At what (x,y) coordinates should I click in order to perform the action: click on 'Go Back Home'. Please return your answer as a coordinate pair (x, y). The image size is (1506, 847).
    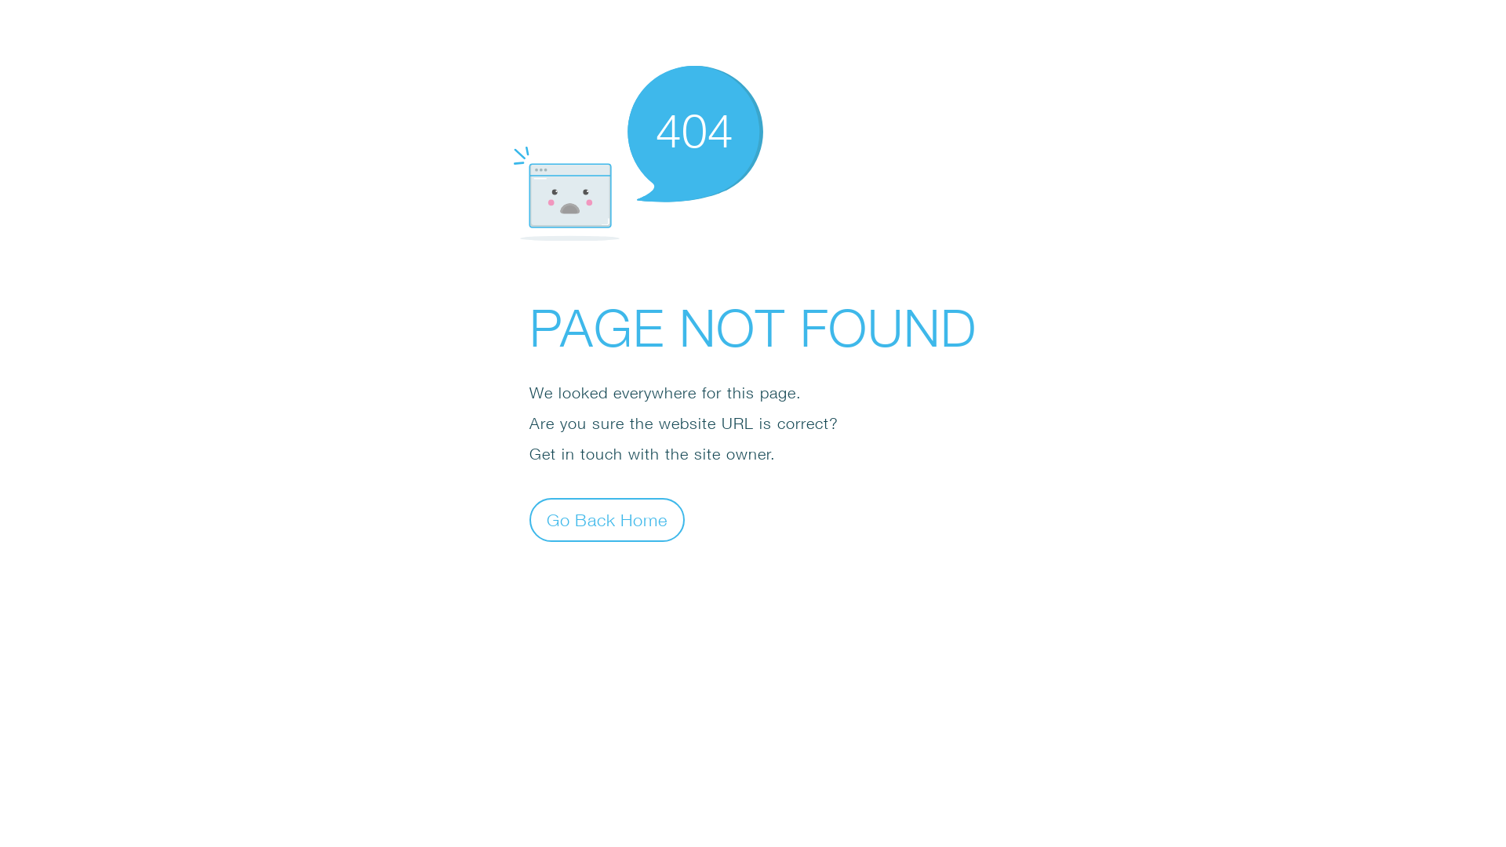
    Looking at the image, I should click on (606, 520).